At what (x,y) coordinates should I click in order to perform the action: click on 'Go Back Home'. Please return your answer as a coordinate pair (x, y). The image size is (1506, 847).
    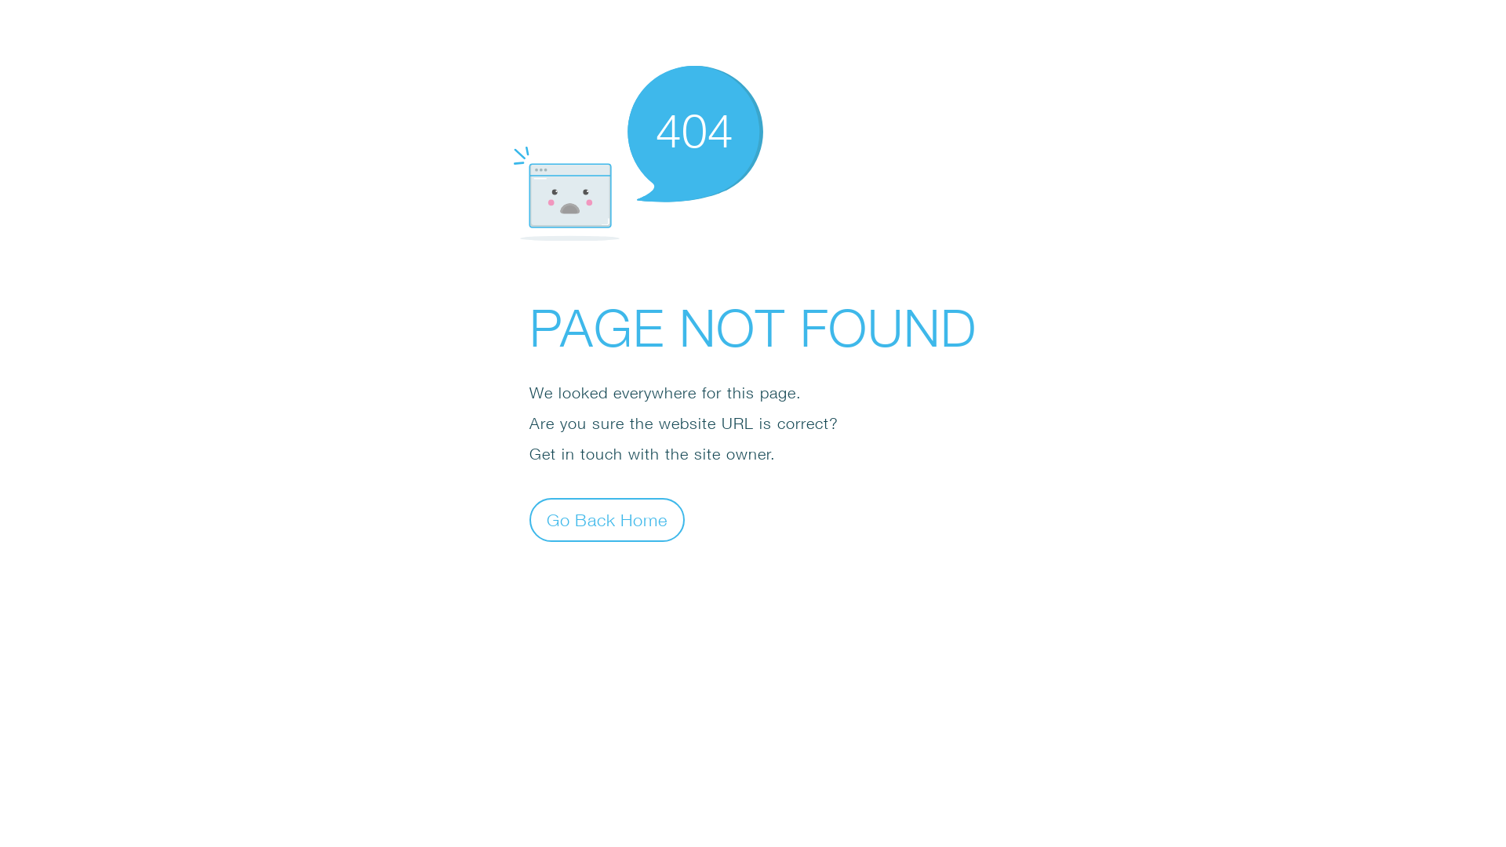
    Looking at the image, I should click on (606, 520).